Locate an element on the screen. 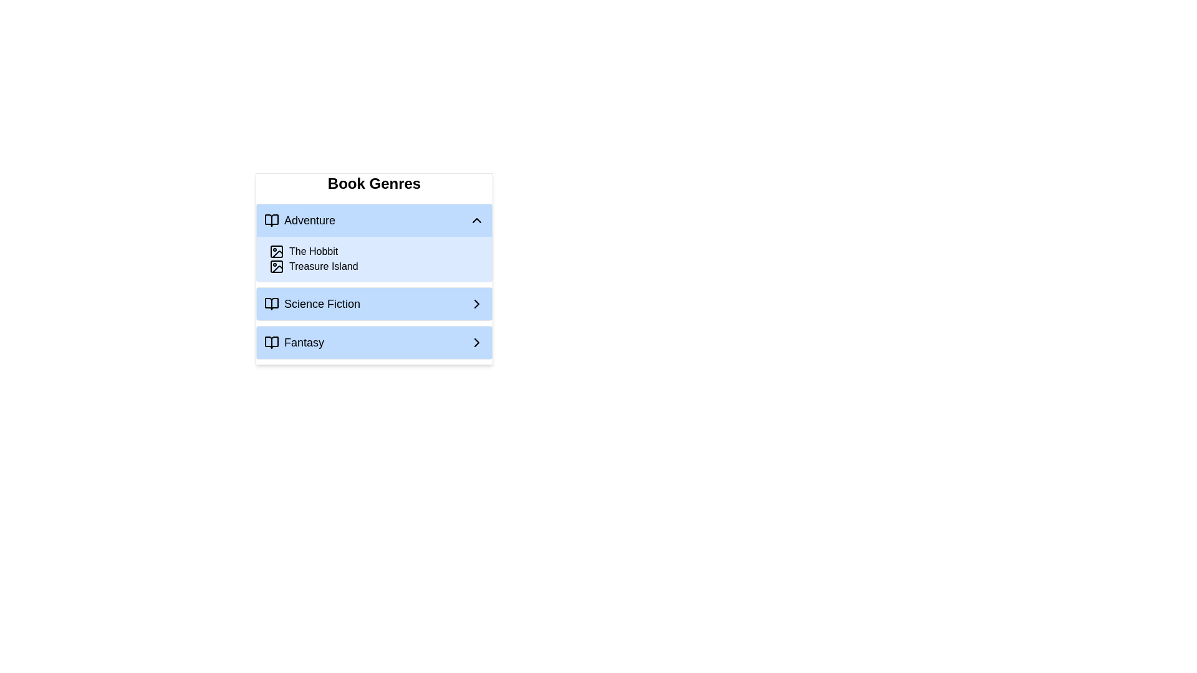 This screenshot has height=673, width=1197. the chevron arrow icon used for navigating the 'Science Fiction' category in the menu interface is located at coordinates (476, 304).